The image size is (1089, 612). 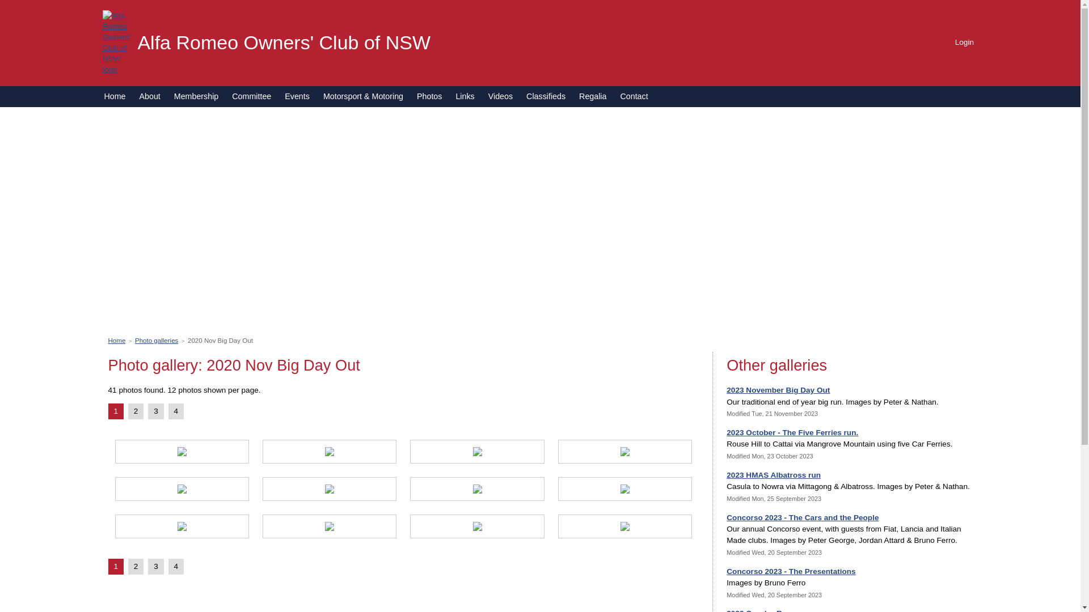 What do you see at coordinates (297, 95) in the screenshot?
I see `'Events'` at bounding box center [297, 95].